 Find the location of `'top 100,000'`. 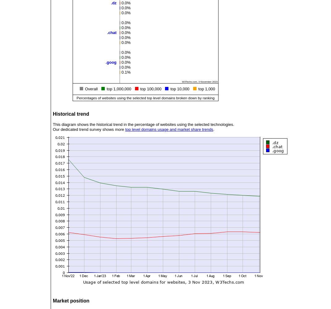

'top 100,000' is located at coordinates (140, 88).